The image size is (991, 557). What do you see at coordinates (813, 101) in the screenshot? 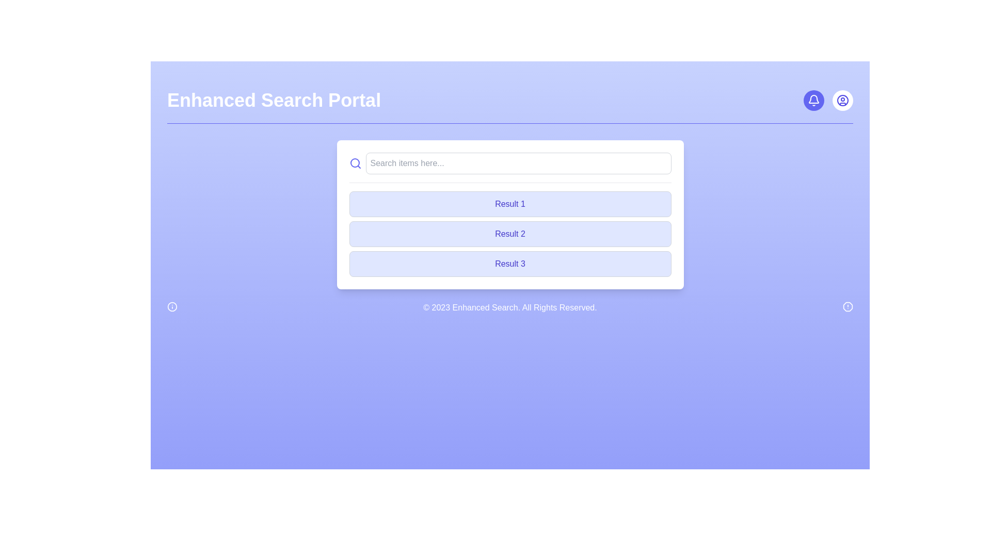
I see `the circular button with a blue background and a white bell icon` at bounding box center [813, 101].